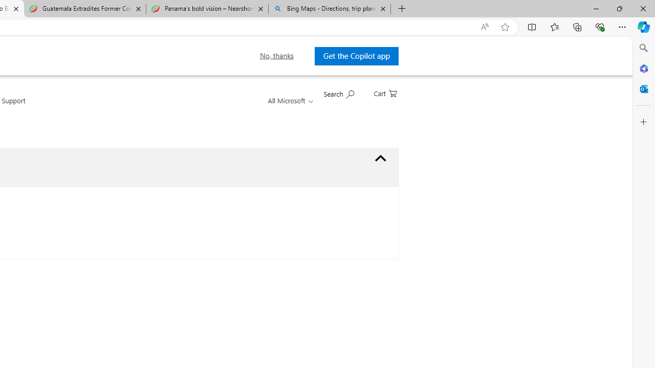 This screenshot has width=655, height=368. What do you see at coordinates (380, 158) in the screenshot?
I see `'What product are you reporting on? no option selected'` at bounding box center [380, 158].